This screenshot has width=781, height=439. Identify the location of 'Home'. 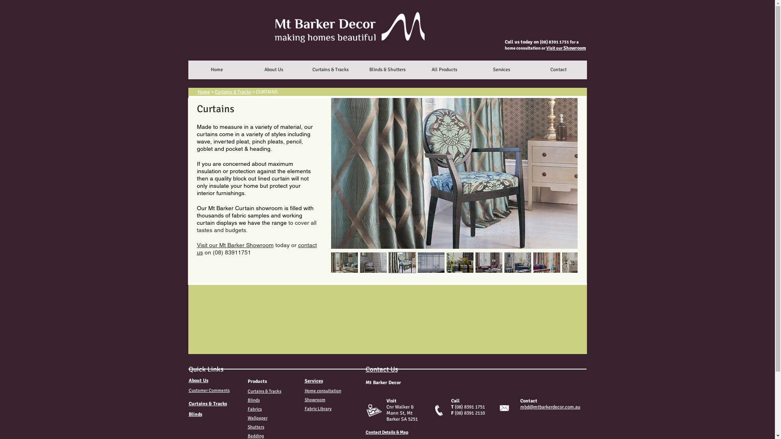
(203, 91).